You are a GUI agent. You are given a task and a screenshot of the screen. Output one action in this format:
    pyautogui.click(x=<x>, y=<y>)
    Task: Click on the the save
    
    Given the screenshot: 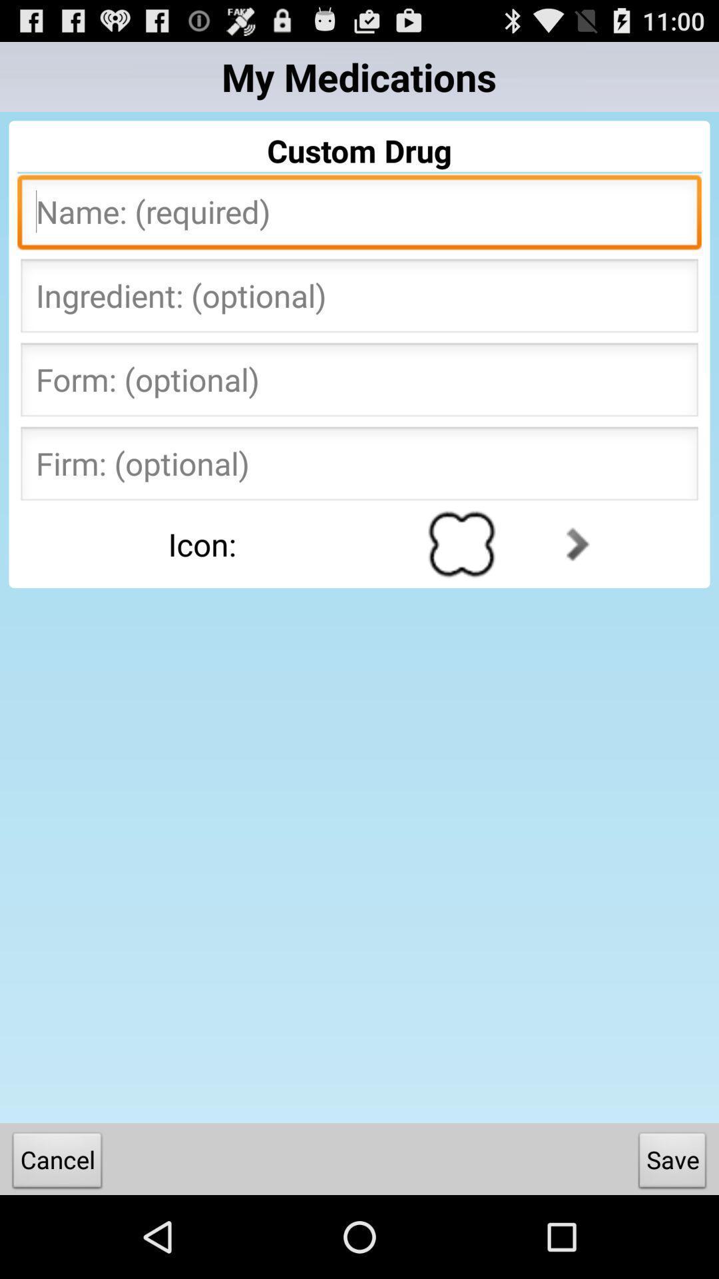 What is the action you would take?
    pyautogui.click(x=672, y=1162)
    